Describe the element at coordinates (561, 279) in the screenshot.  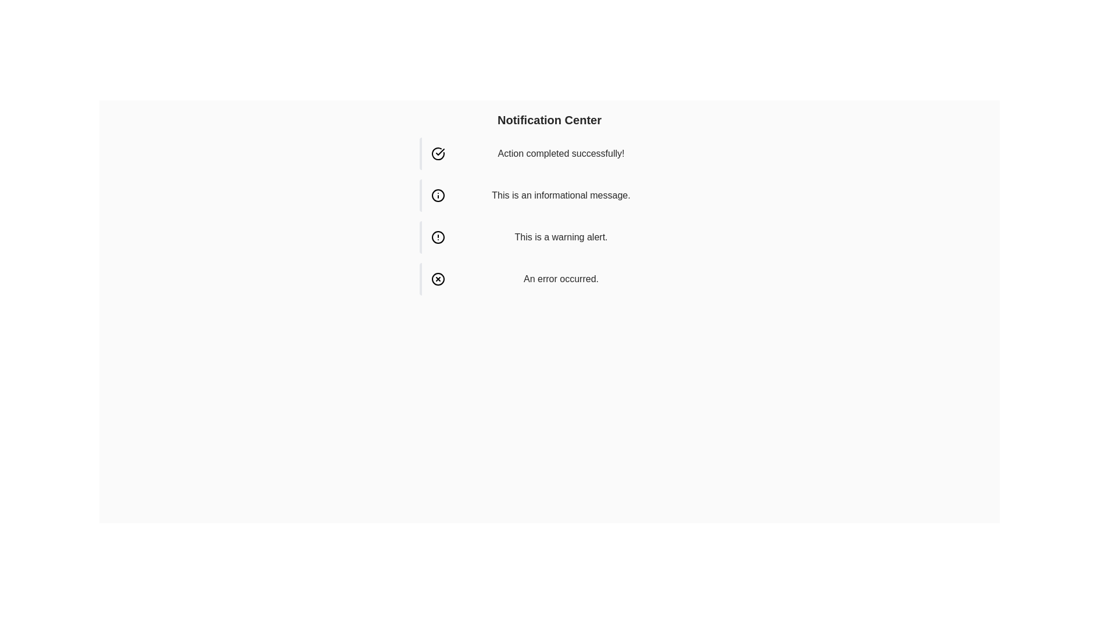
I see `the error message text label in the Notification Center, which provides feedback about an issue, positioned horizontally centered and to the right of the cross symbol icon` at that location.